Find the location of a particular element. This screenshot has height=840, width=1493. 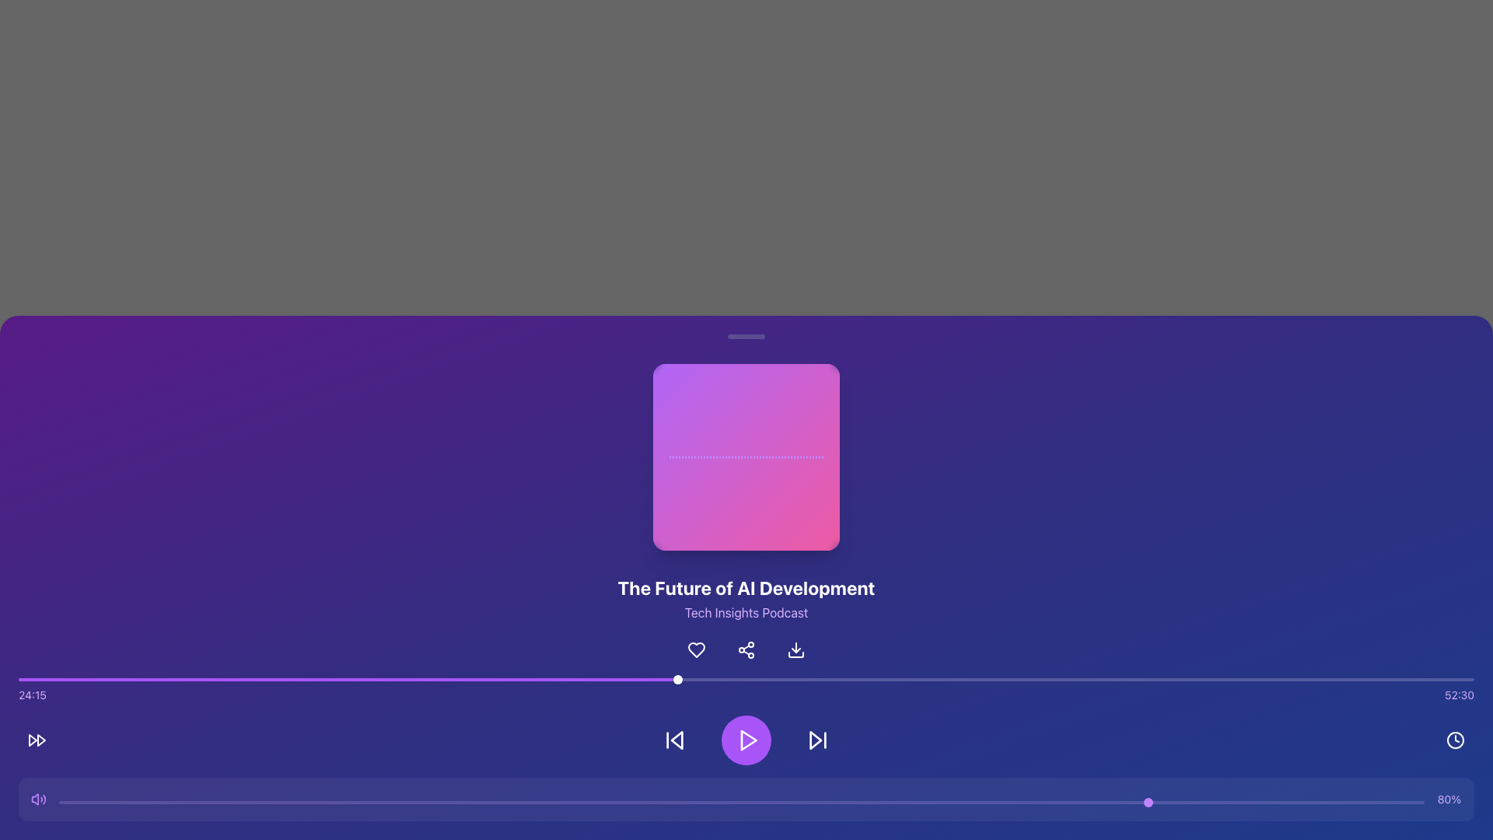

the slider position is located at coordinates (127, 803).